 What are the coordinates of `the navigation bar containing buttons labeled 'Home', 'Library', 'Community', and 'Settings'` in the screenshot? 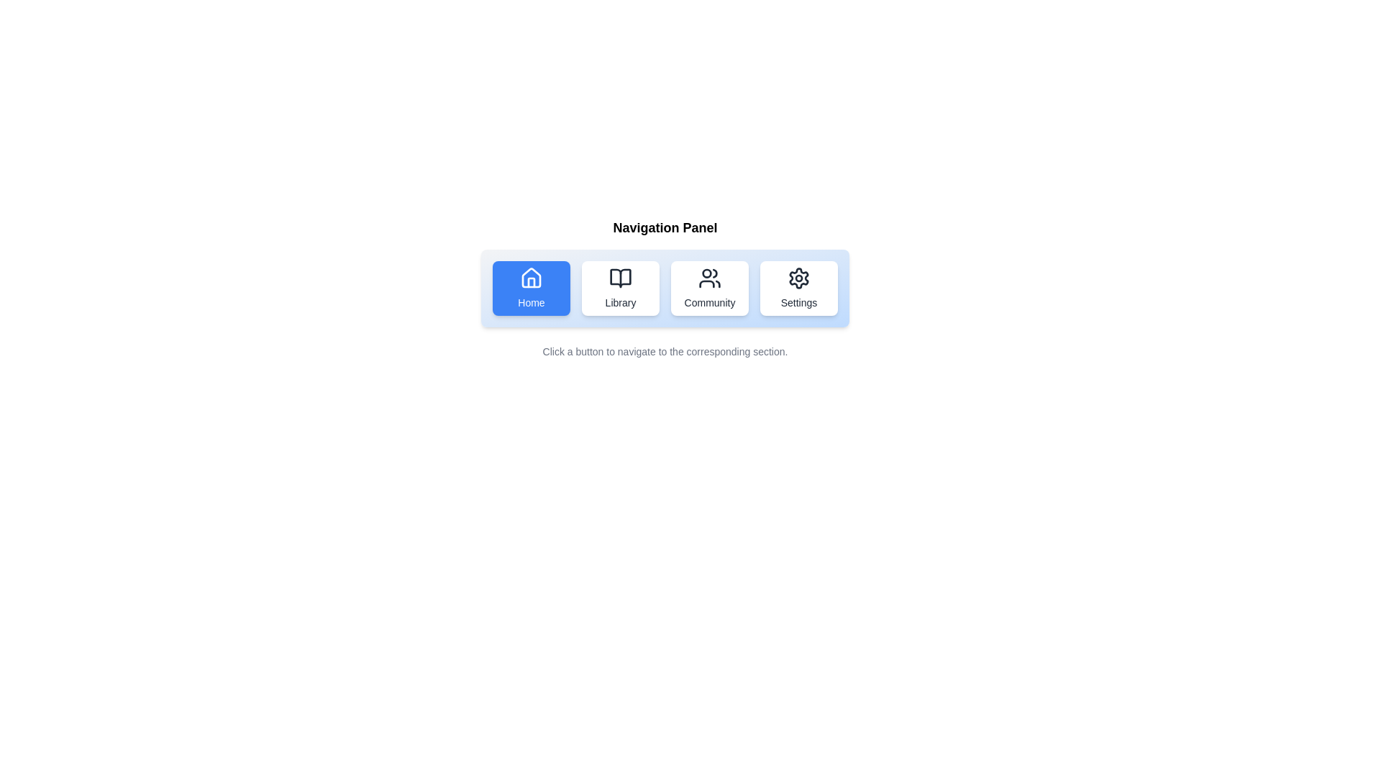 It's located at (665, 288).